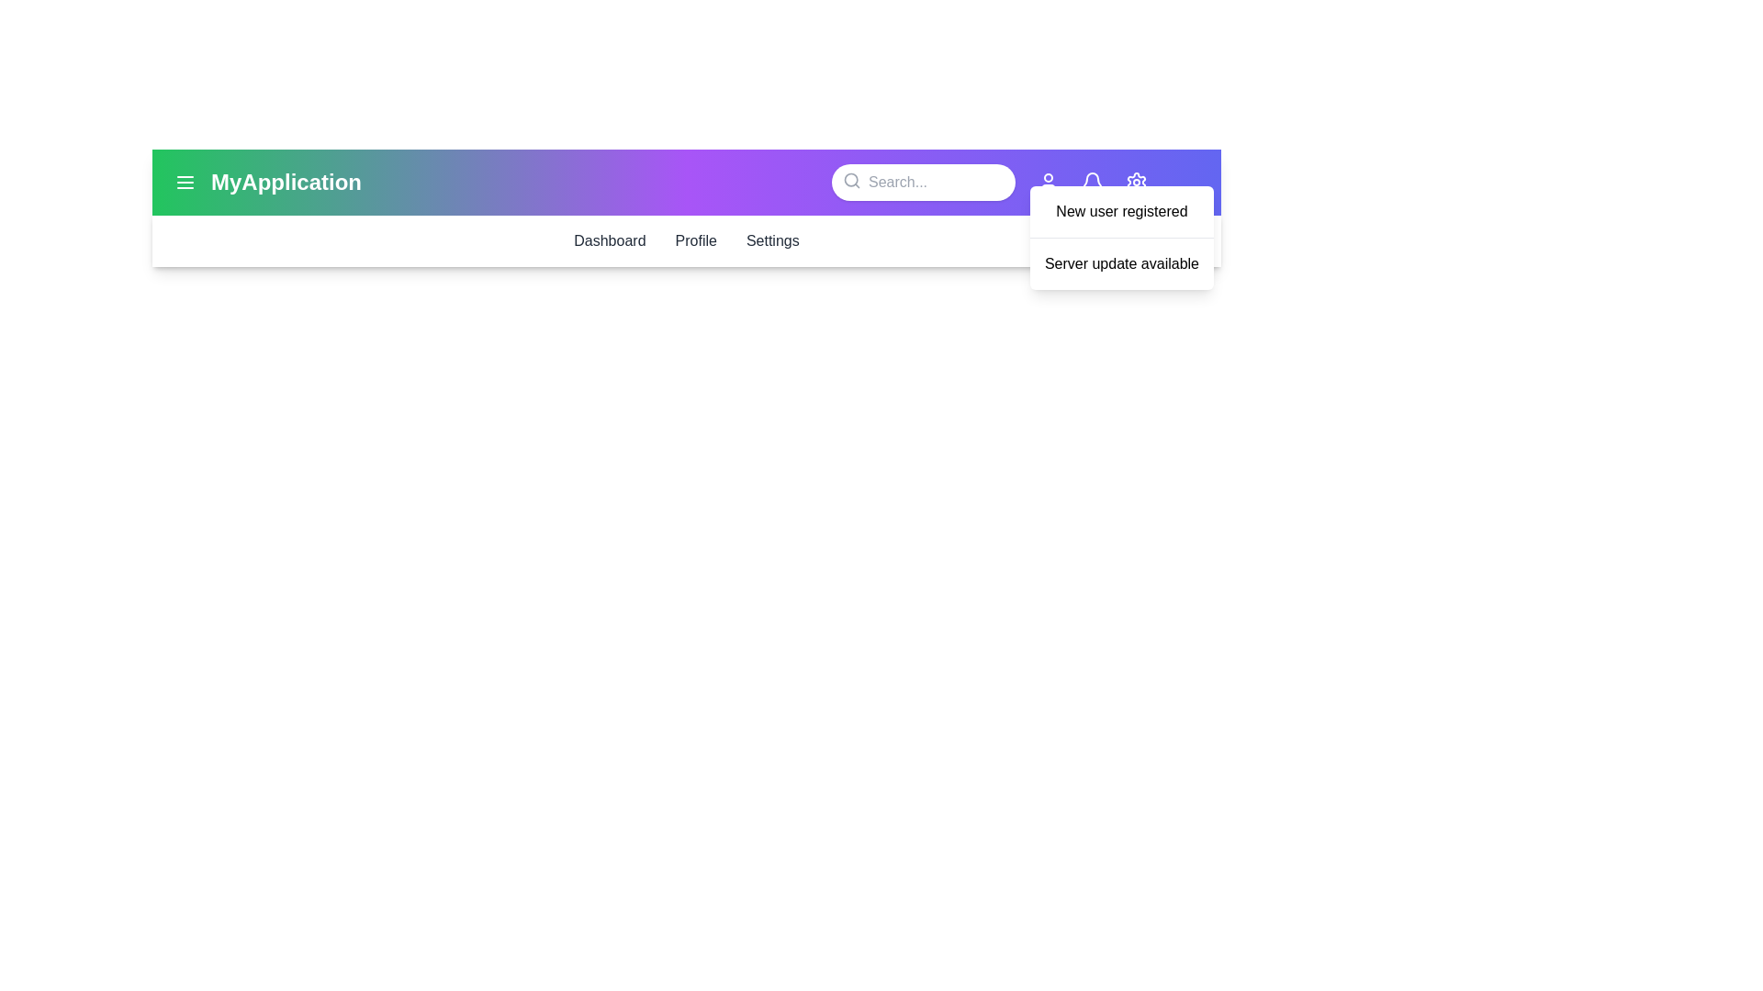  Describe the element at coordinates (609, 239) in the screenshot. I see `the menu item Dashboard to navigate to the corresponding section` at that location.